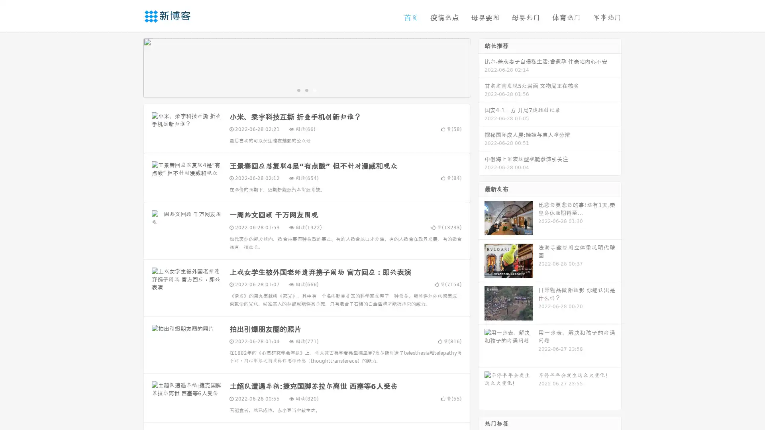 The width and height of the screenshot is (765, 430). I want to click on Go to slide 2, so click(306, 90).